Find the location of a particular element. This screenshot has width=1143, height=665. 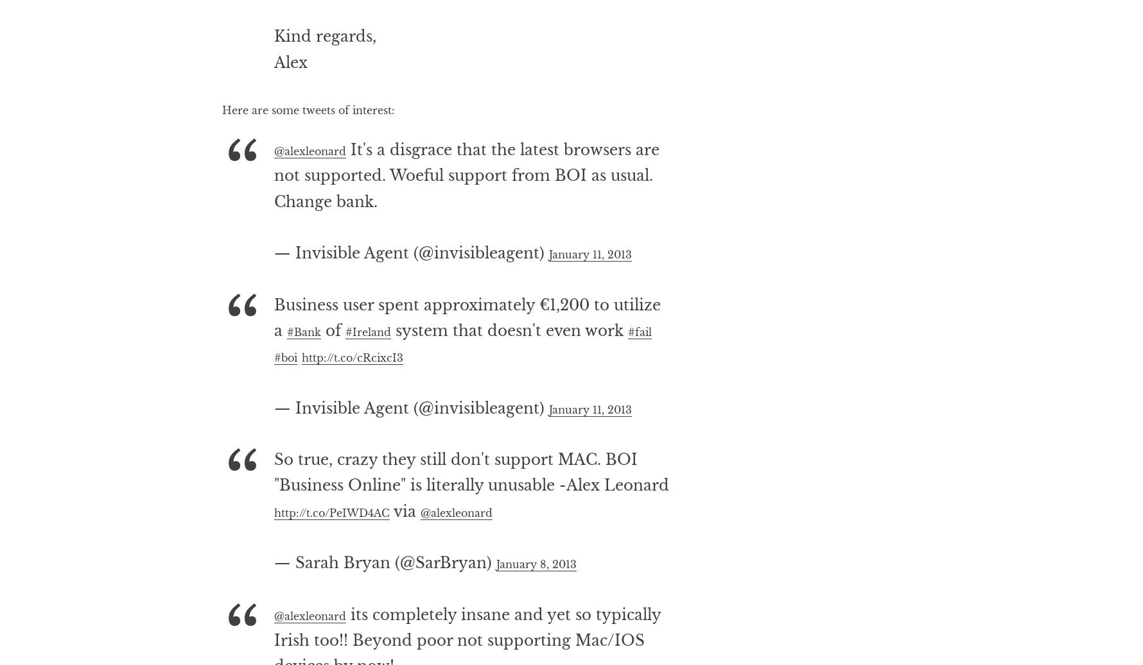

'So true, crazy they still don't support MAC. BOI "Business Online" is literally unusable -Alex Leonard' is located at coordinates (470, 523).